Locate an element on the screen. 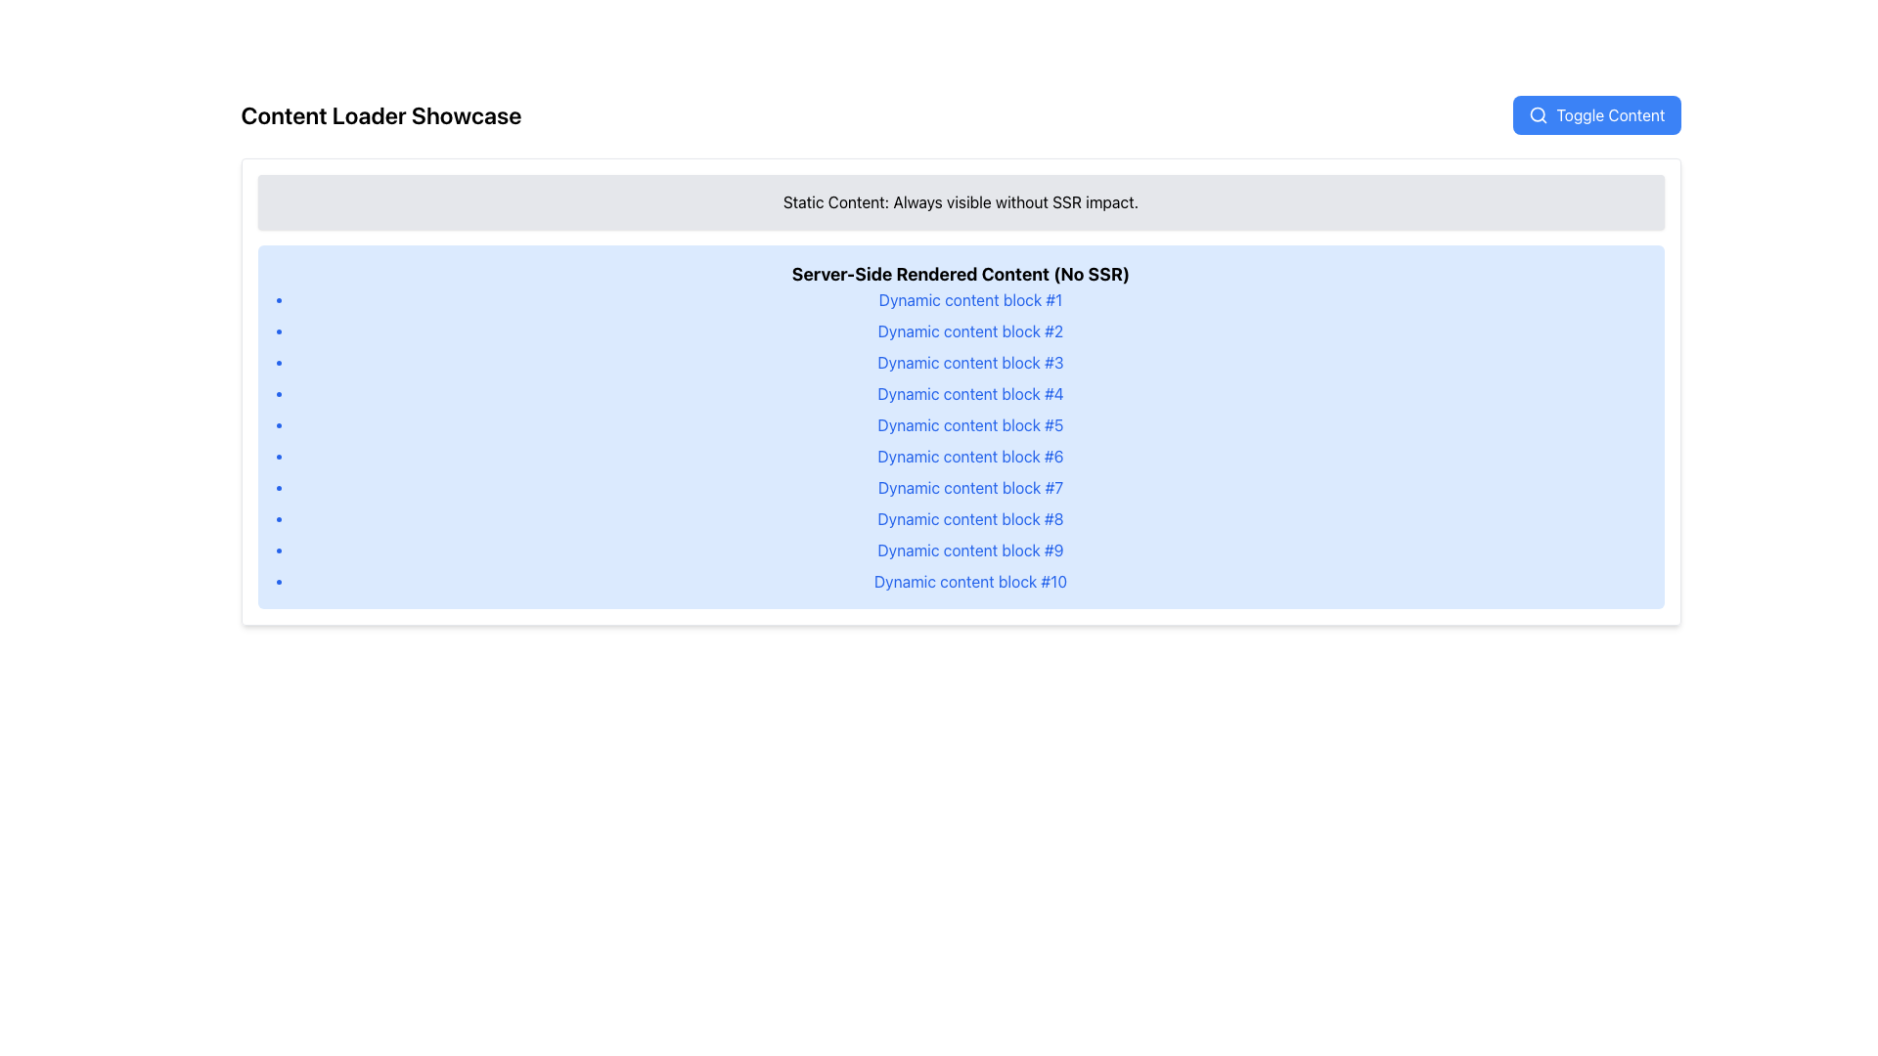 Image resolution: width=1878 pixels, height=1056 pixels. the text label displaying 'Dynamic content block #2', which is styled in blue font and is the second item in a vertically-listed group of similar labels is located at coordinates (970, 330).